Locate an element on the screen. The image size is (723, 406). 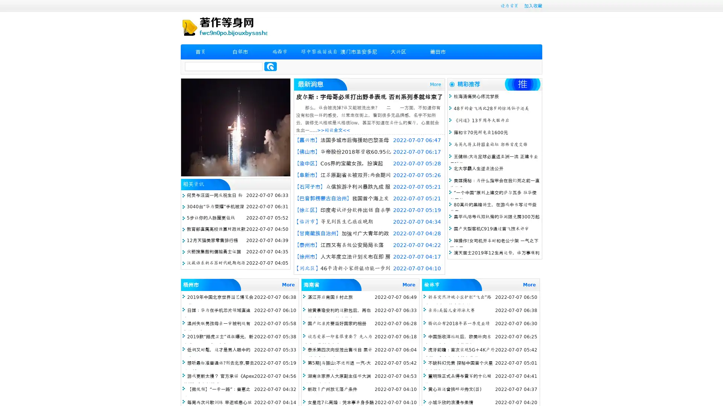
Search is located at coordinates (270, 66).